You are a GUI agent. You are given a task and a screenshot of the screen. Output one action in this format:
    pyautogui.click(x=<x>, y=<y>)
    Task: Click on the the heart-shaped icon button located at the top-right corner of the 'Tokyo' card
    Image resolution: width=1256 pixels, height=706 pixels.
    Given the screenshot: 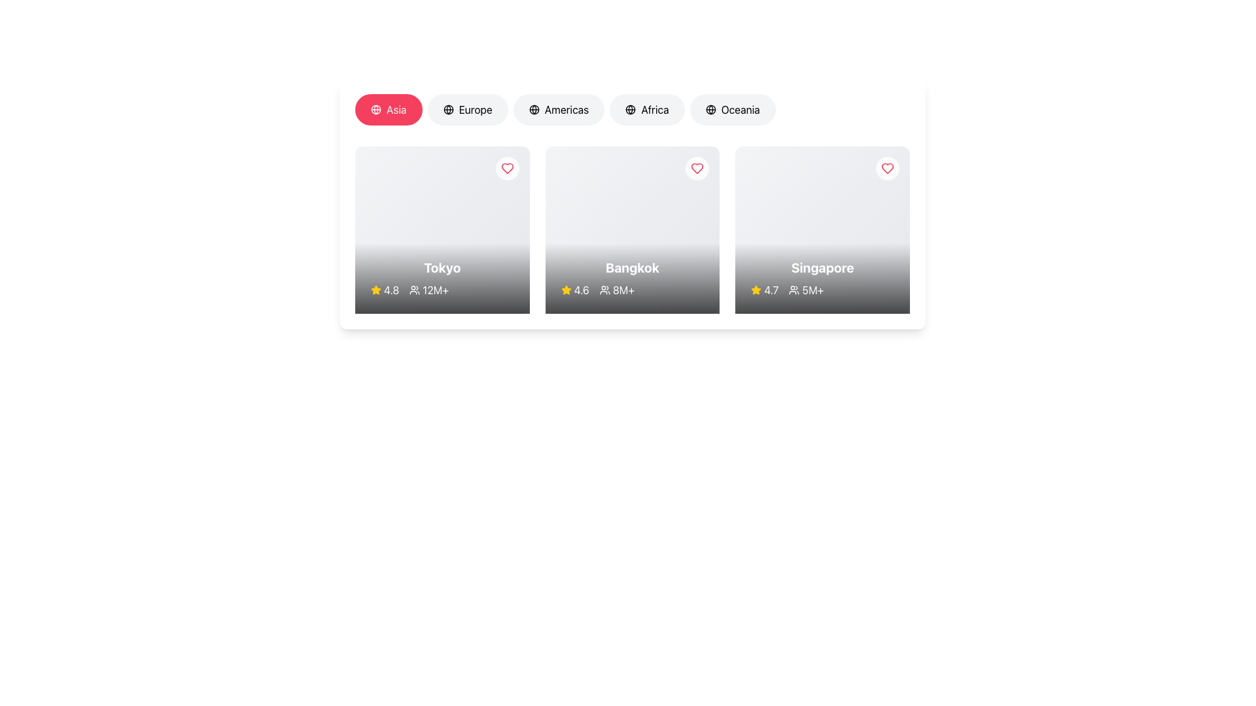 What is the action you would take?
    pyautogui.click(x=506, y=168)
    